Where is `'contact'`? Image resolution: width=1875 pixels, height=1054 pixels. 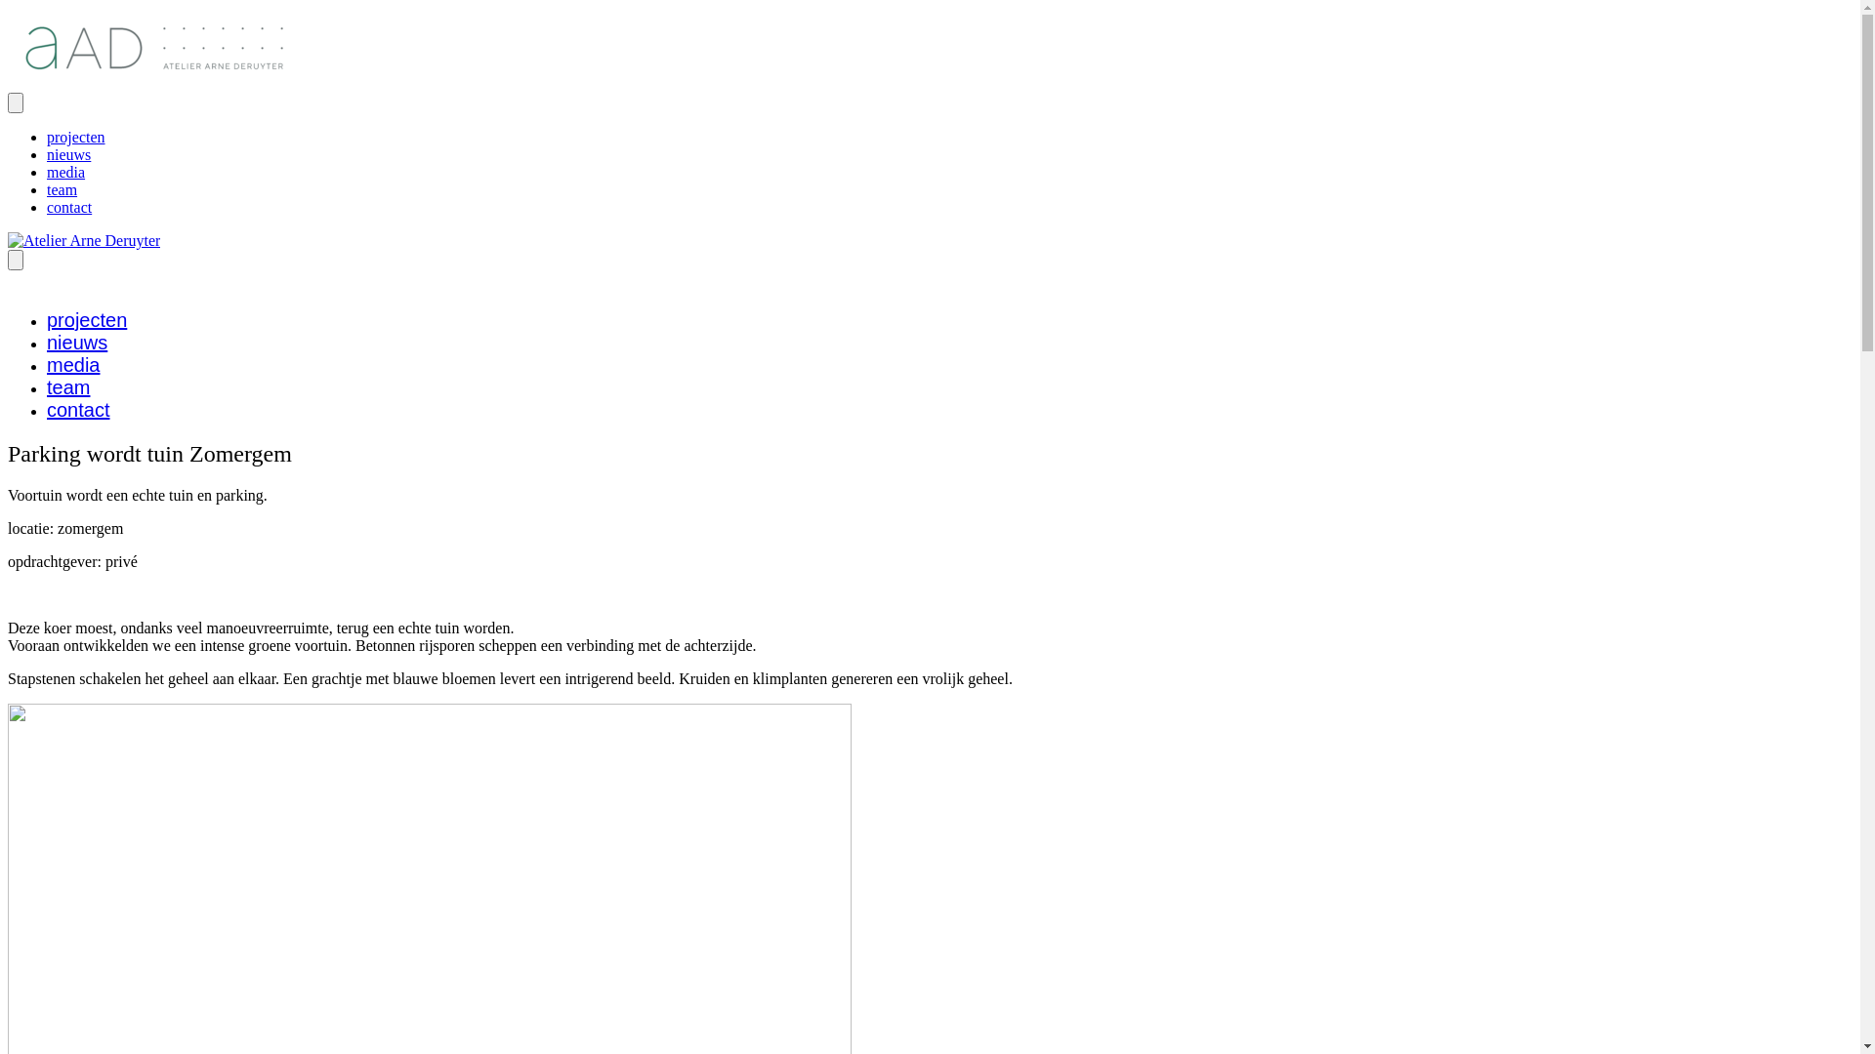
'contact' is located at coordinates (69, 207).